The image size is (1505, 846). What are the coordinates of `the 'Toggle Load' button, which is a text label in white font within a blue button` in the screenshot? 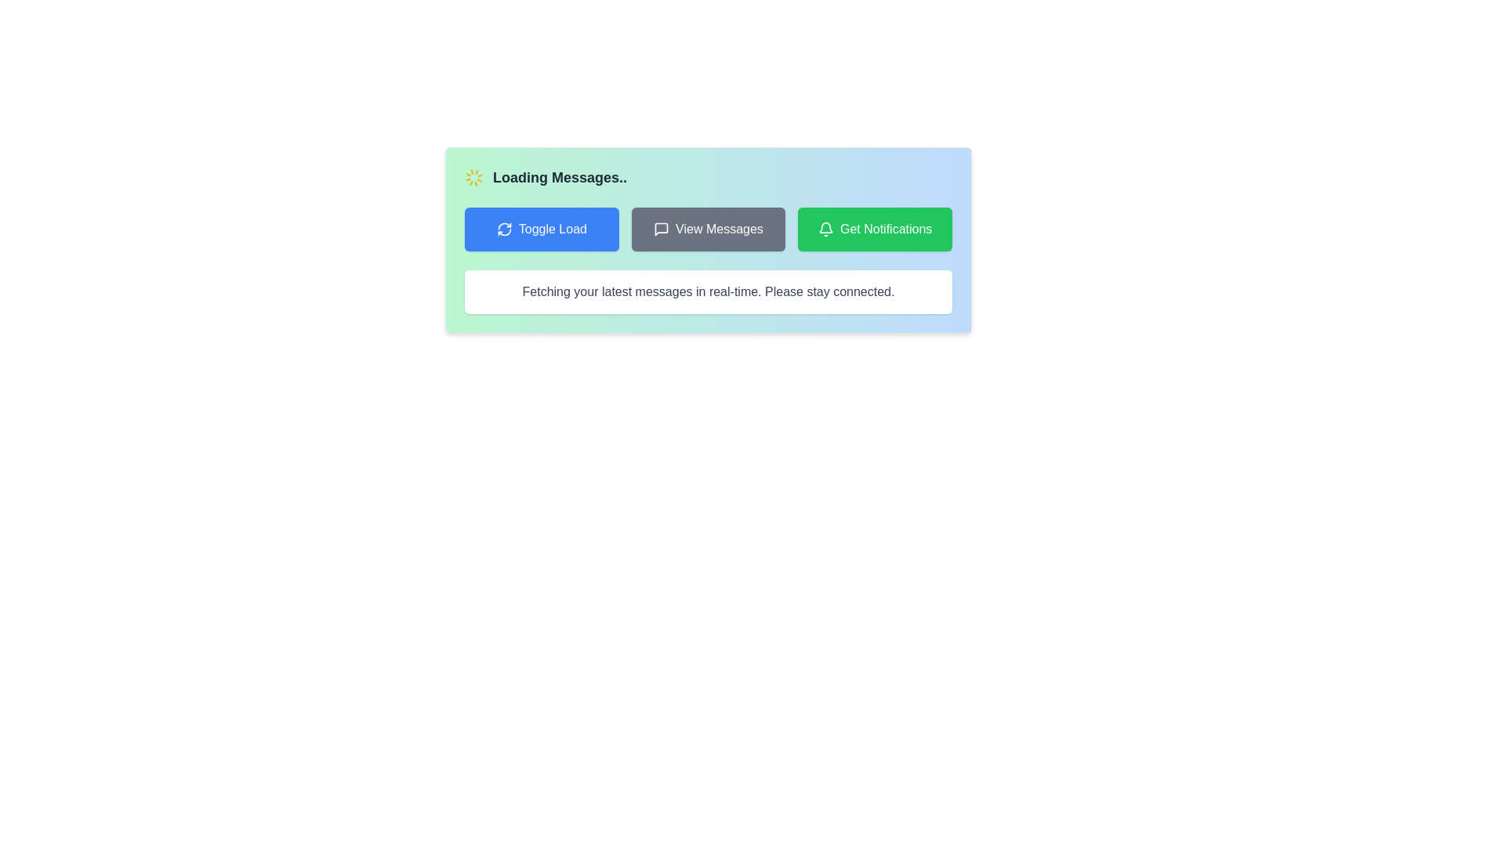 It's located at (553, 230).